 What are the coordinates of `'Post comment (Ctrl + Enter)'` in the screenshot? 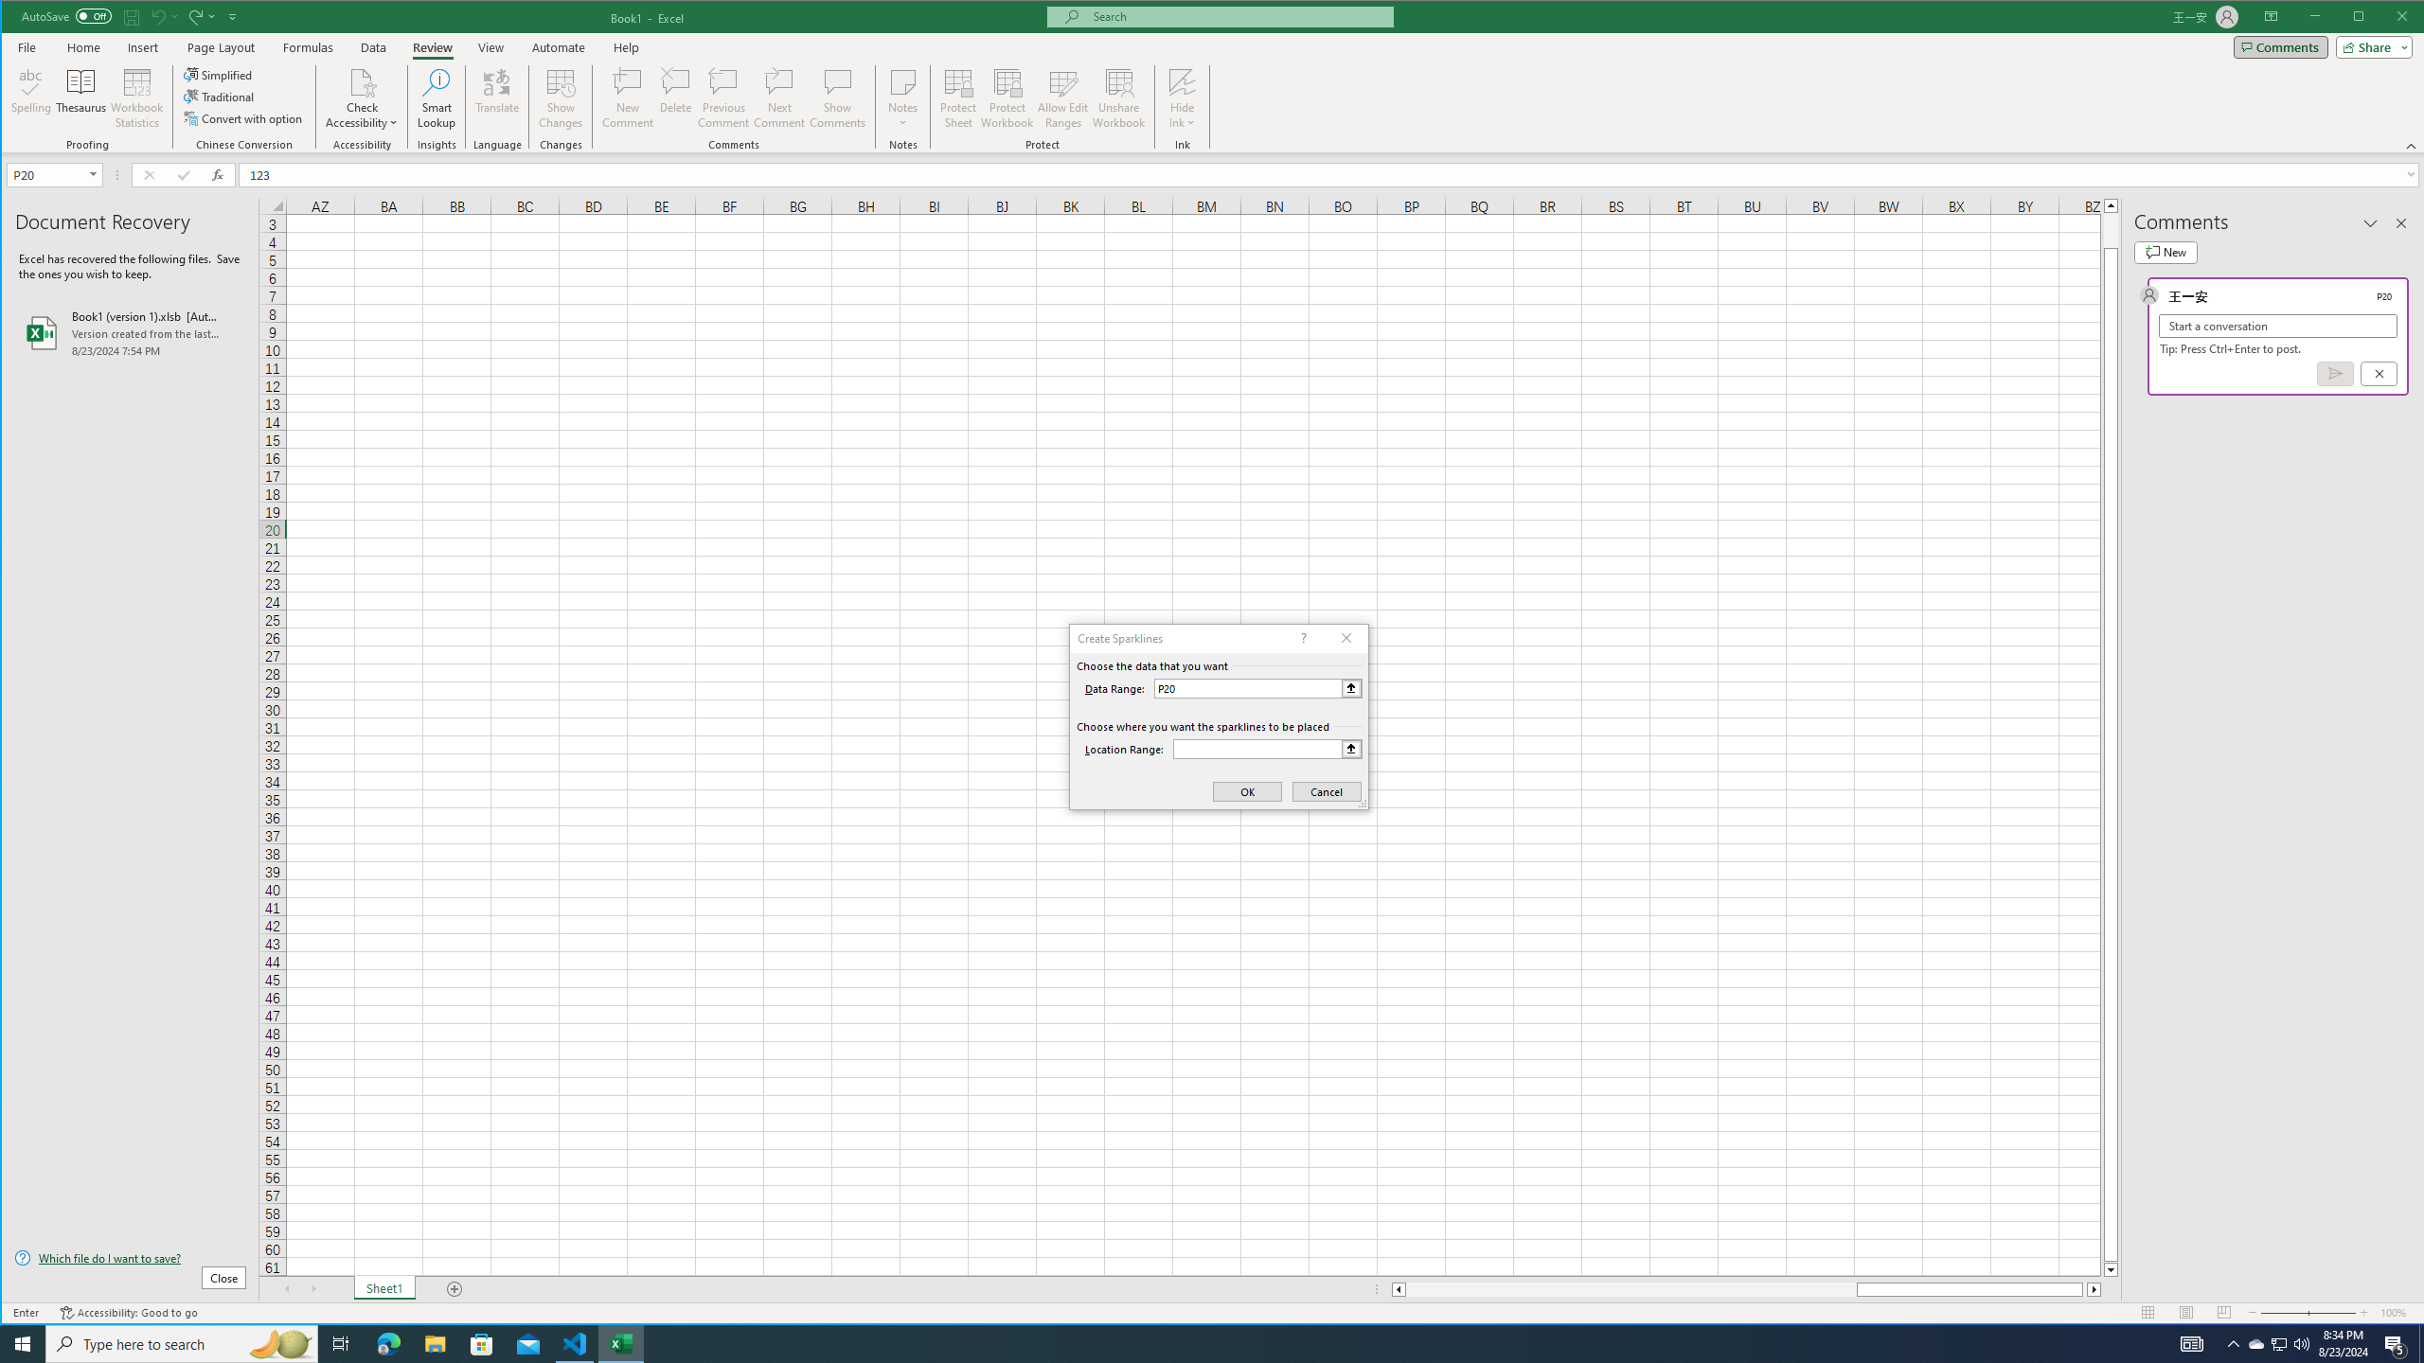 It's located at (2335, 373).